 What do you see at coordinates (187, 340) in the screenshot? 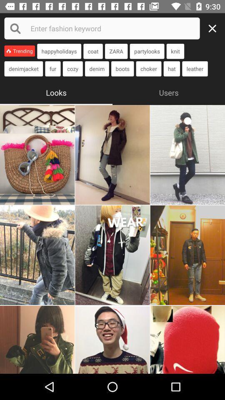
I see `this thumbnail` at bounding box center [187, 340].